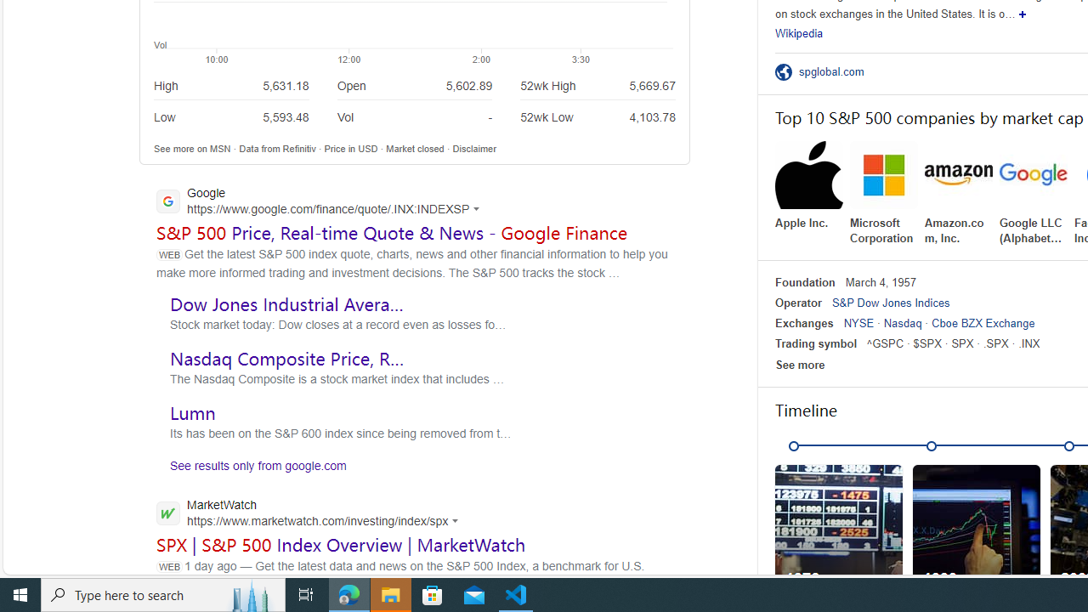 Image resolution: width=1088 pixels, height=612 pixels. What do you see at coordinates (457, 519) in the screenshot?
I see `'Actions for this site'` at bounding box center [457, 519].